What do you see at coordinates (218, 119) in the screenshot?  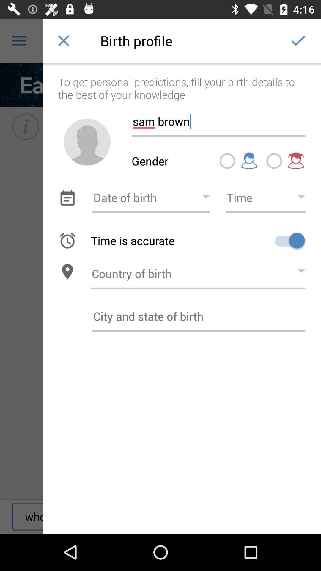 I see `the sam brown item` at bounding box center [218, 119].